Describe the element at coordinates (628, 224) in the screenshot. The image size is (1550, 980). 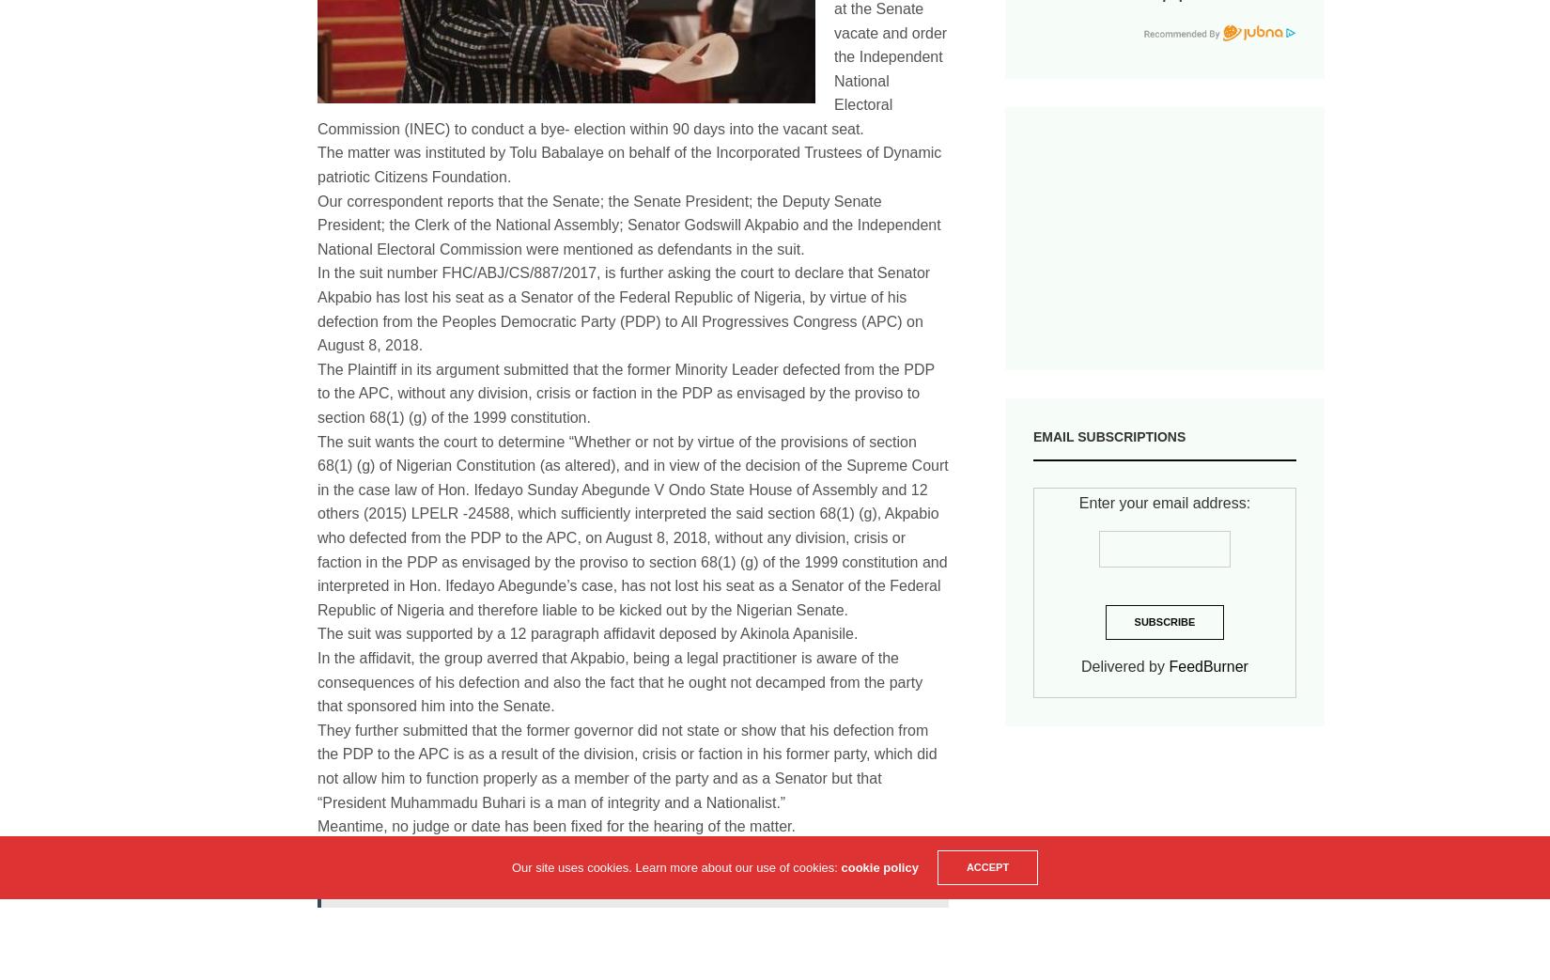
I see `'Our correspondent reports that the Senate; the Senate President; the Deputy Senate President; the Clerk of the National Assembly; Senator Godswill Akpabio and the Independent National Electoral Commission were mentioned as defendants in the suit.'` at that location.